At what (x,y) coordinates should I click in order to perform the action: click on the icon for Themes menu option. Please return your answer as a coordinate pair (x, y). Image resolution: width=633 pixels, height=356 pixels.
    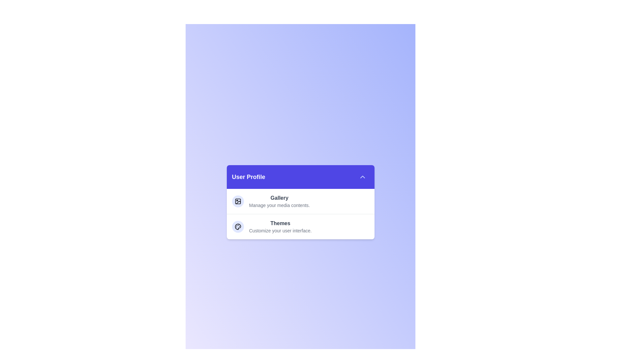
    Looking at the image, I should click on (237, 226).